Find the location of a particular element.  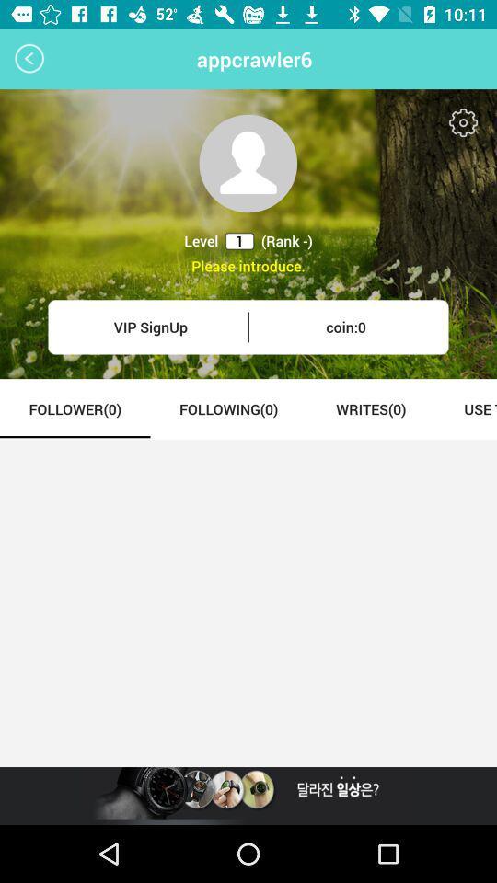

item next to the following(0) item is located at coordinates (74, 408).